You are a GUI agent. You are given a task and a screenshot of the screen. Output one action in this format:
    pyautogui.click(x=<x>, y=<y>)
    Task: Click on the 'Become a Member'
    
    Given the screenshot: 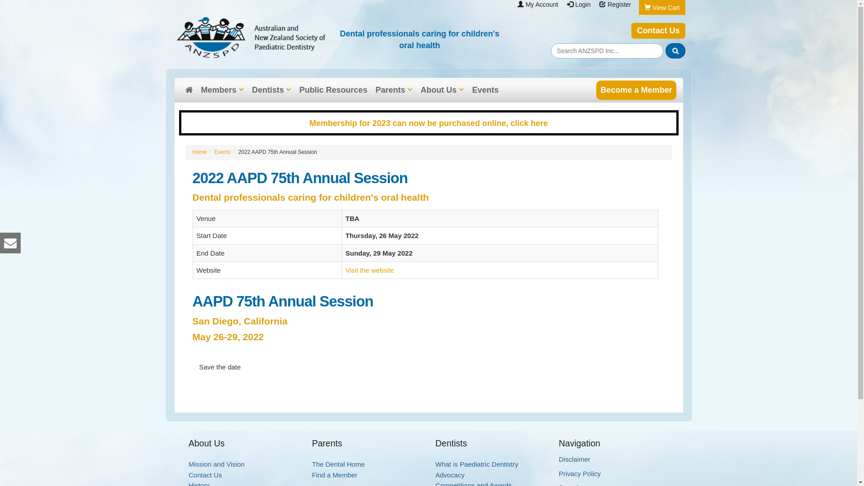 What is the action you would take?
    pyautogui.click(x=635, y=90)
    